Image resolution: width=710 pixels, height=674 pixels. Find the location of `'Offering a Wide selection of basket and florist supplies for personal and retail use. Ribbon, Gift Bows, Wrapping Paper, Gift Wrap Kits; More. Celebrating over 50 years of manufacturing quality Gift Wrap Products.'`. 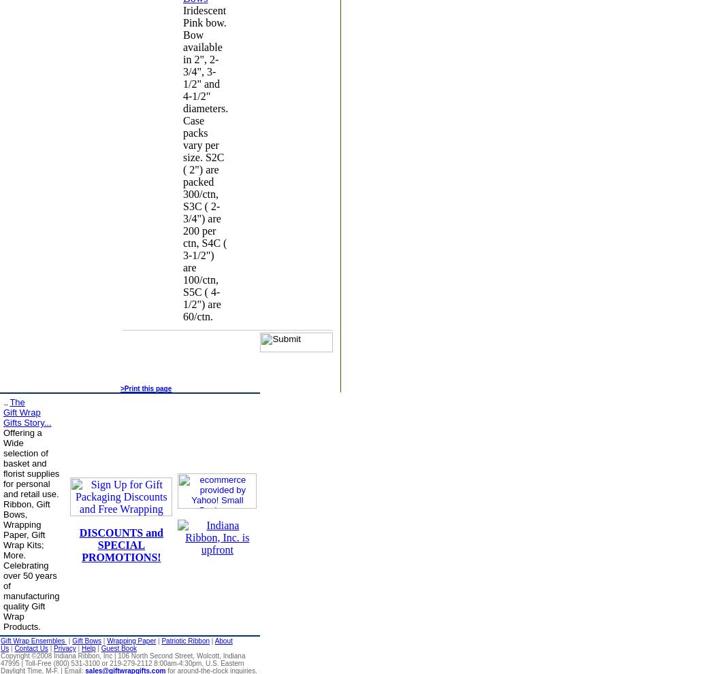

'Offering a Wide selection of basket and florist supplies for personal and retail use. Ribbon, Gift Bows, Wrapping Paper, Gift Wrap Kits; More. Celebrating over 50 years of manufacturing quality Gift Wrap Products.' is located at coordinates (30, 530).